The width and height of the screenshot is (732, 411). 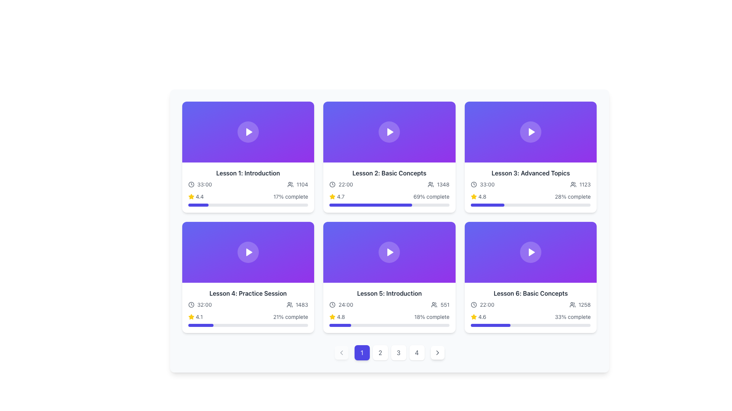 I want to click on the right-pointing arrow-shaped icon with rounded ends and a thin stroke, located inside a circular button at the bottom right corner of the page, so click(x=437, y=352).